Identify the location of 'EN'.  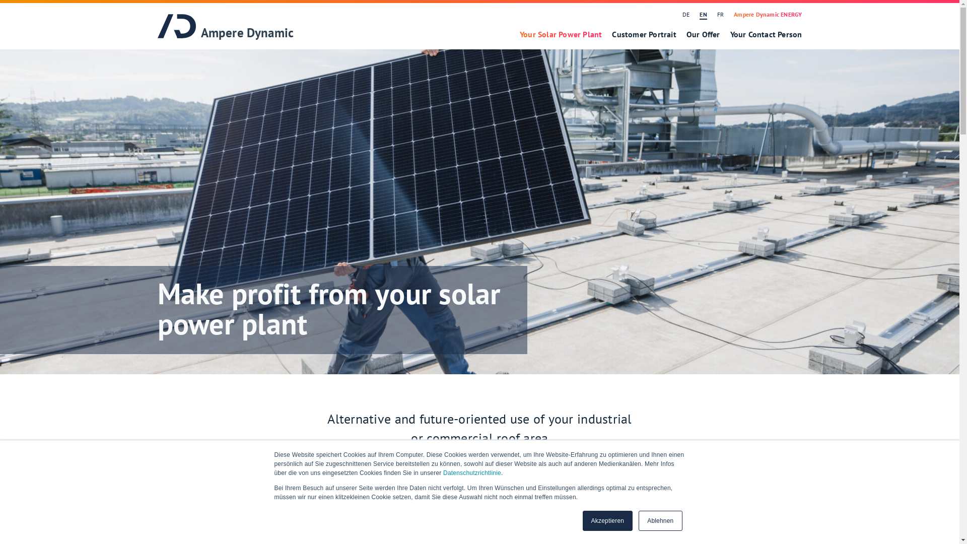
(694, 14).